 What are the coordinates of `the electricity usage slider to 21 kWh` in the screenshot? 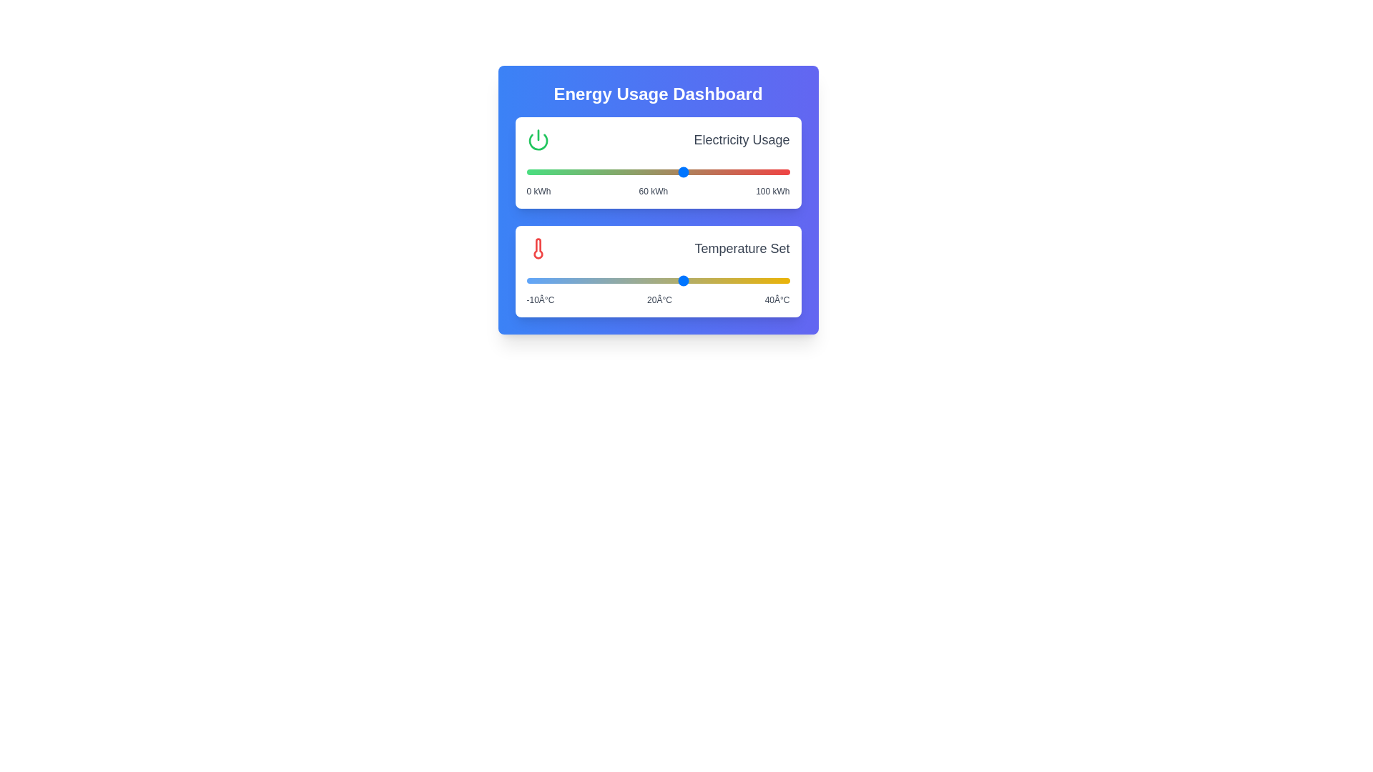 It's located at (581, 171).